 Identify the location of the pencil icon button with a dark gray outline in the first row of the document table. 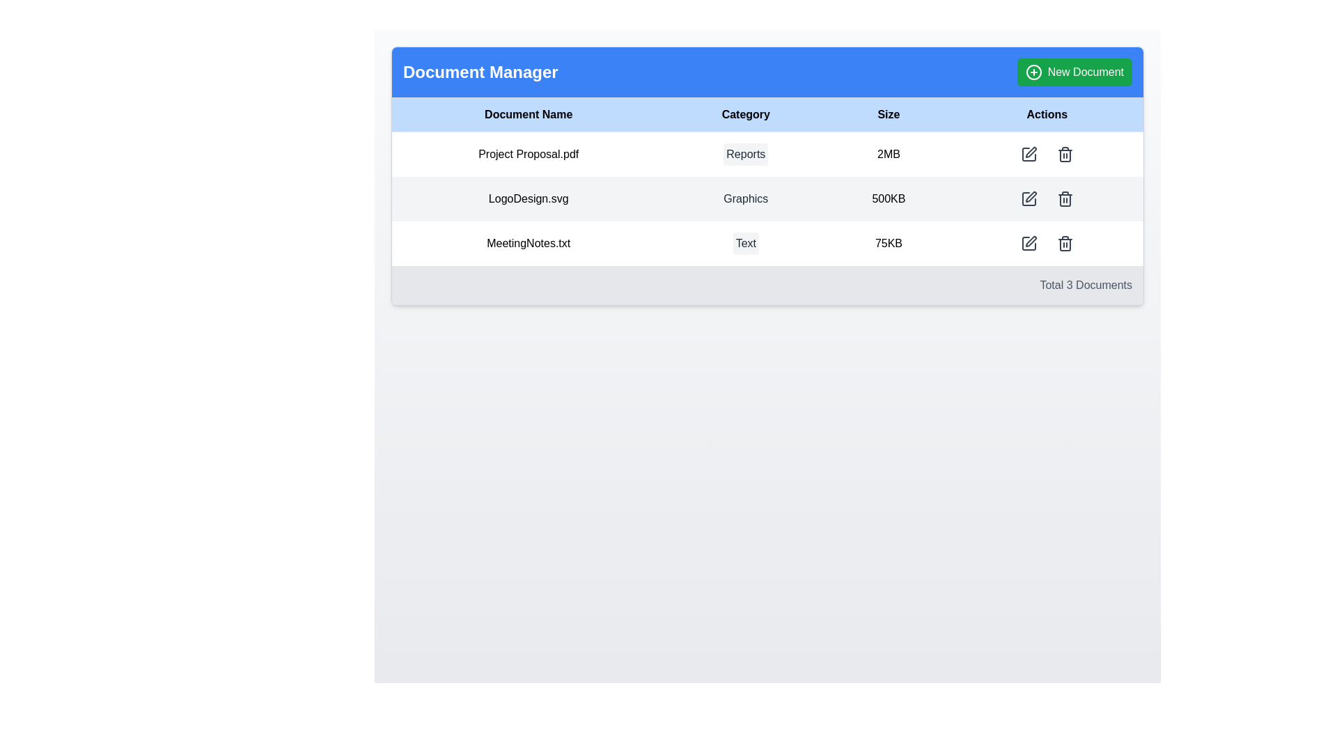
(1029, 155).